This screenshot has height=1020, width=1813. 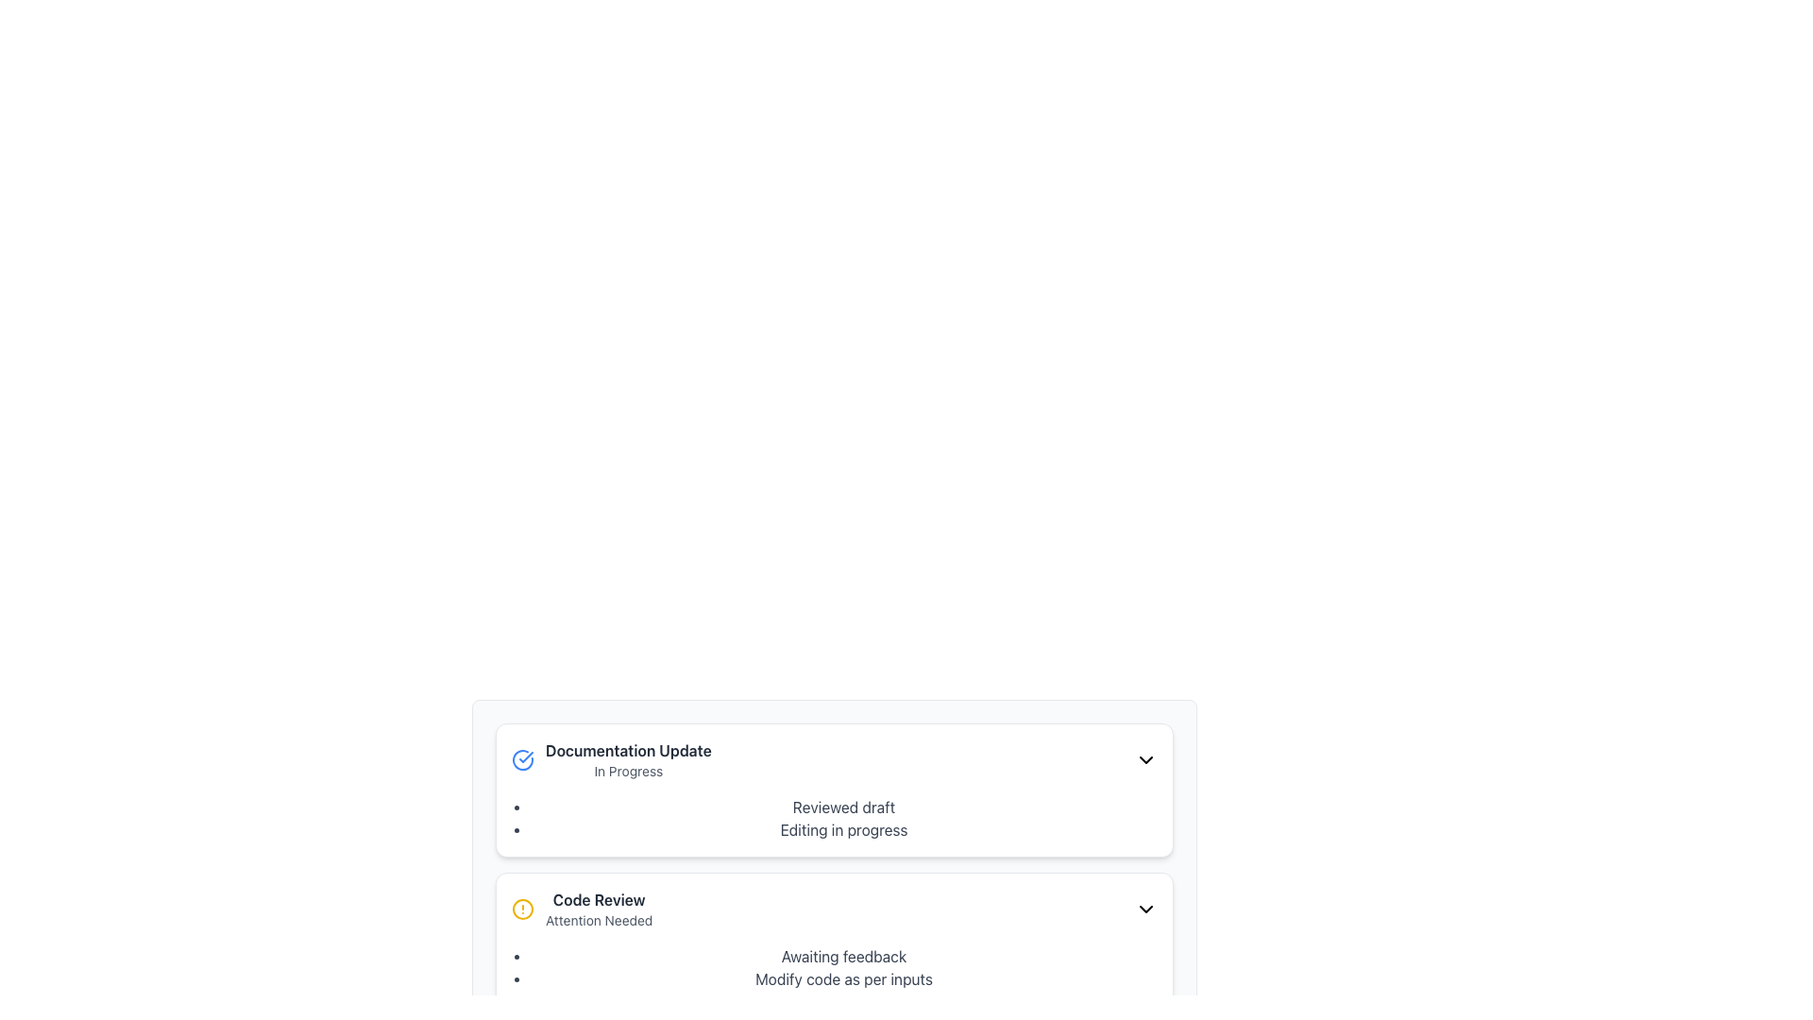 I want to click on the outer circular SVG component of the alert icon, which is yellow and located near the bottom-right section of the interface, adjacent to the 'Code Review' section, so click(x=522, y=909).